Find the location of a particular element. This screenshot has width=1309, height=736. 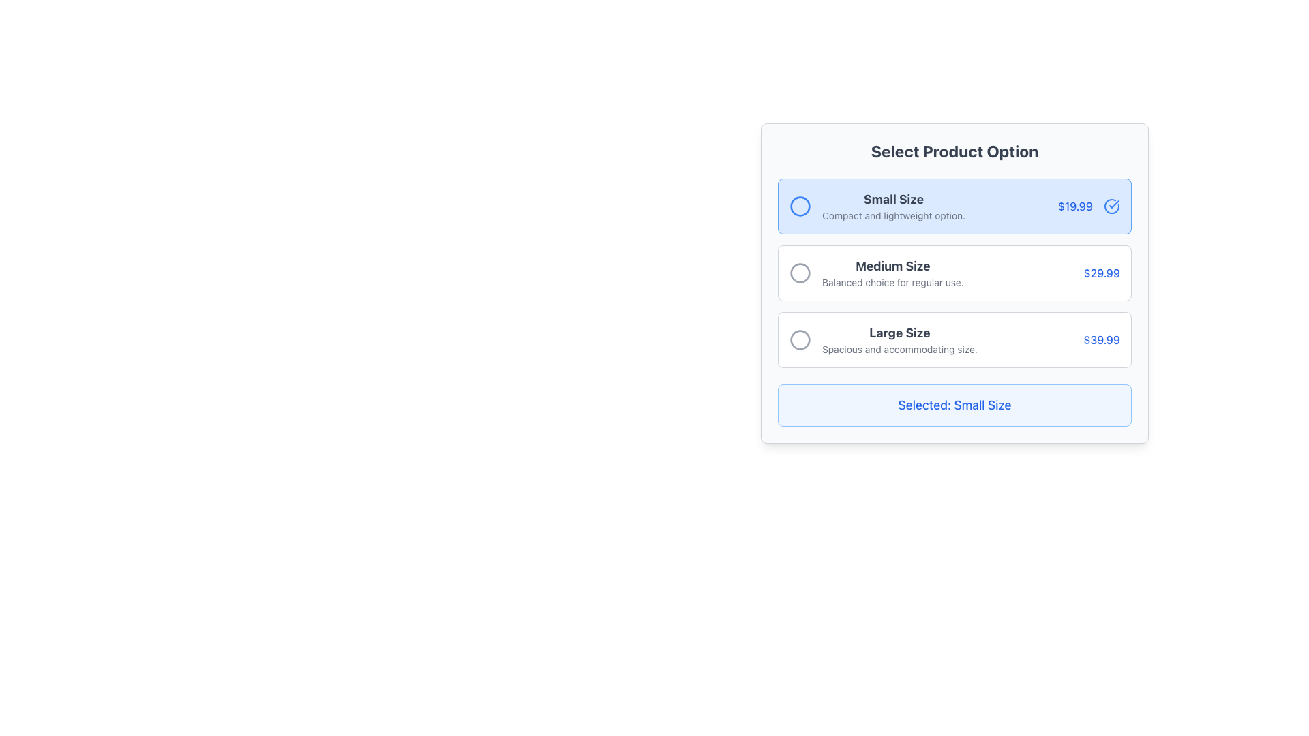

the static informational box that confirms the 'Small Size' option is currently selected, located at the bottom of the product options is located at coordinates (954, 404).